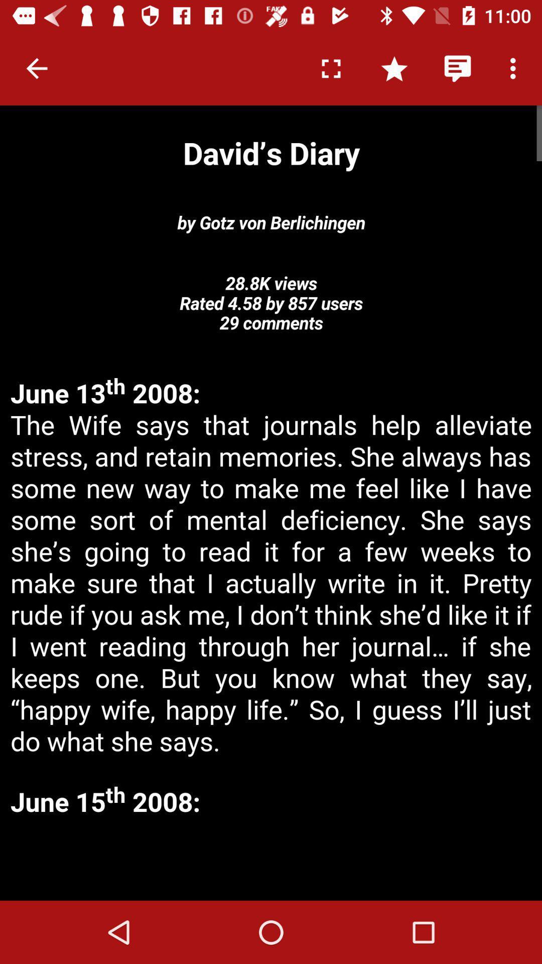 This screenshot has width=542, height=964. I want to click on begin typing, so click(271, 860).